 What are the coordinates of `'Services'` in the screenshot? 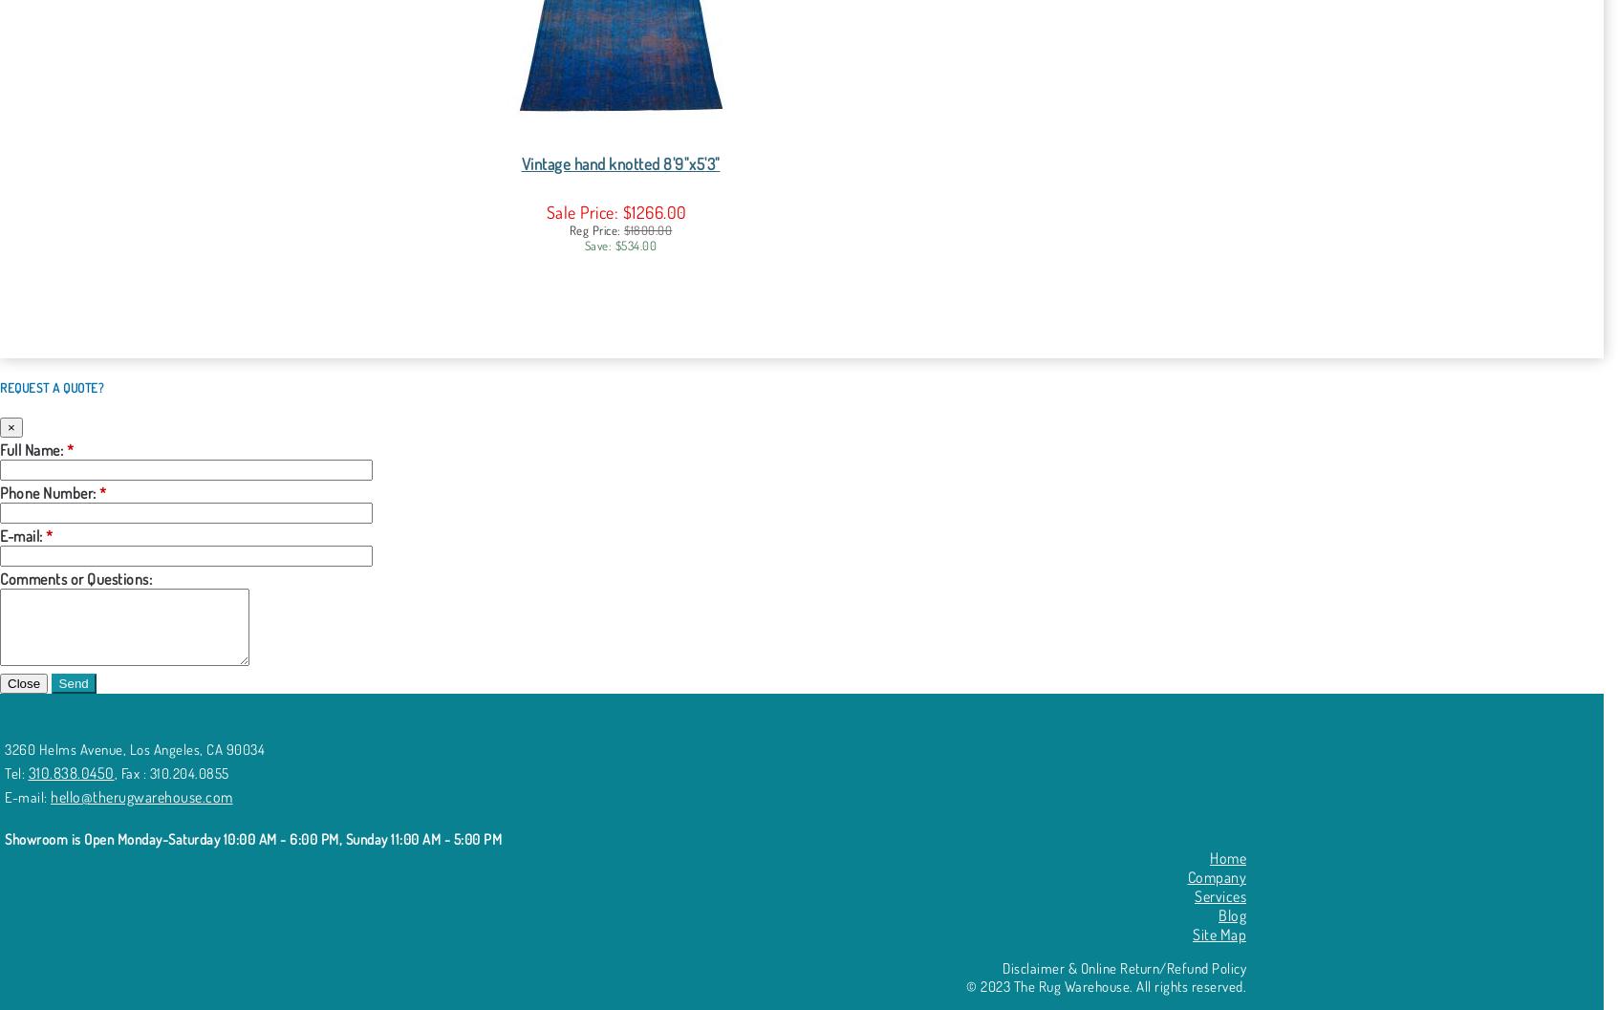 It's located at (1220, 895).